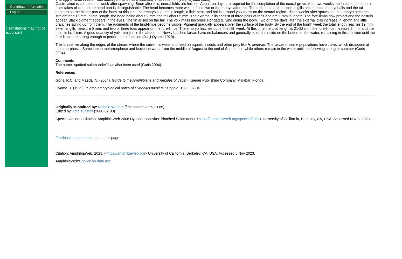 This screenshot has width=402, height=259. Describe the element at coordinates (93, 111) in the screenshot. I see `'(2008-02-03)'` at that location.